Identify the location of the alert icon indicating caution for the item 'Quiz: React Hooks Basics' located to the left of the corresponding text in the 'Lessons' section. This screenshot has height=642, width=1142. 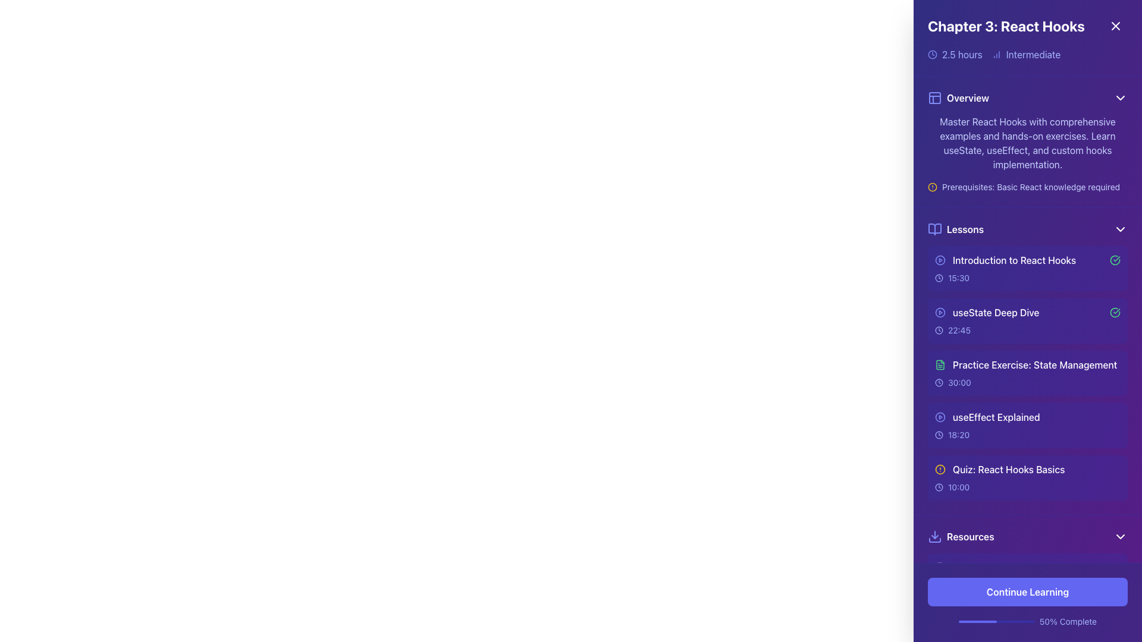
(939, 469).